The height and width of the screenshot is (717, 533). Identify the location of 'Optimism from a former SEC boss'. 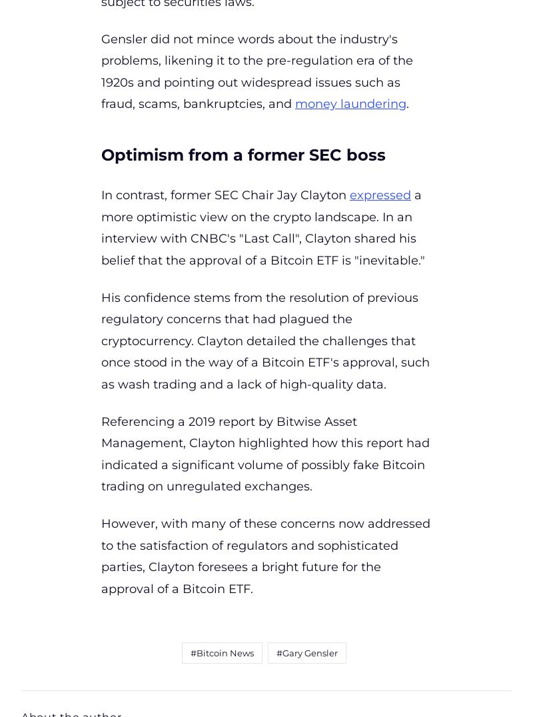
(101, 154).